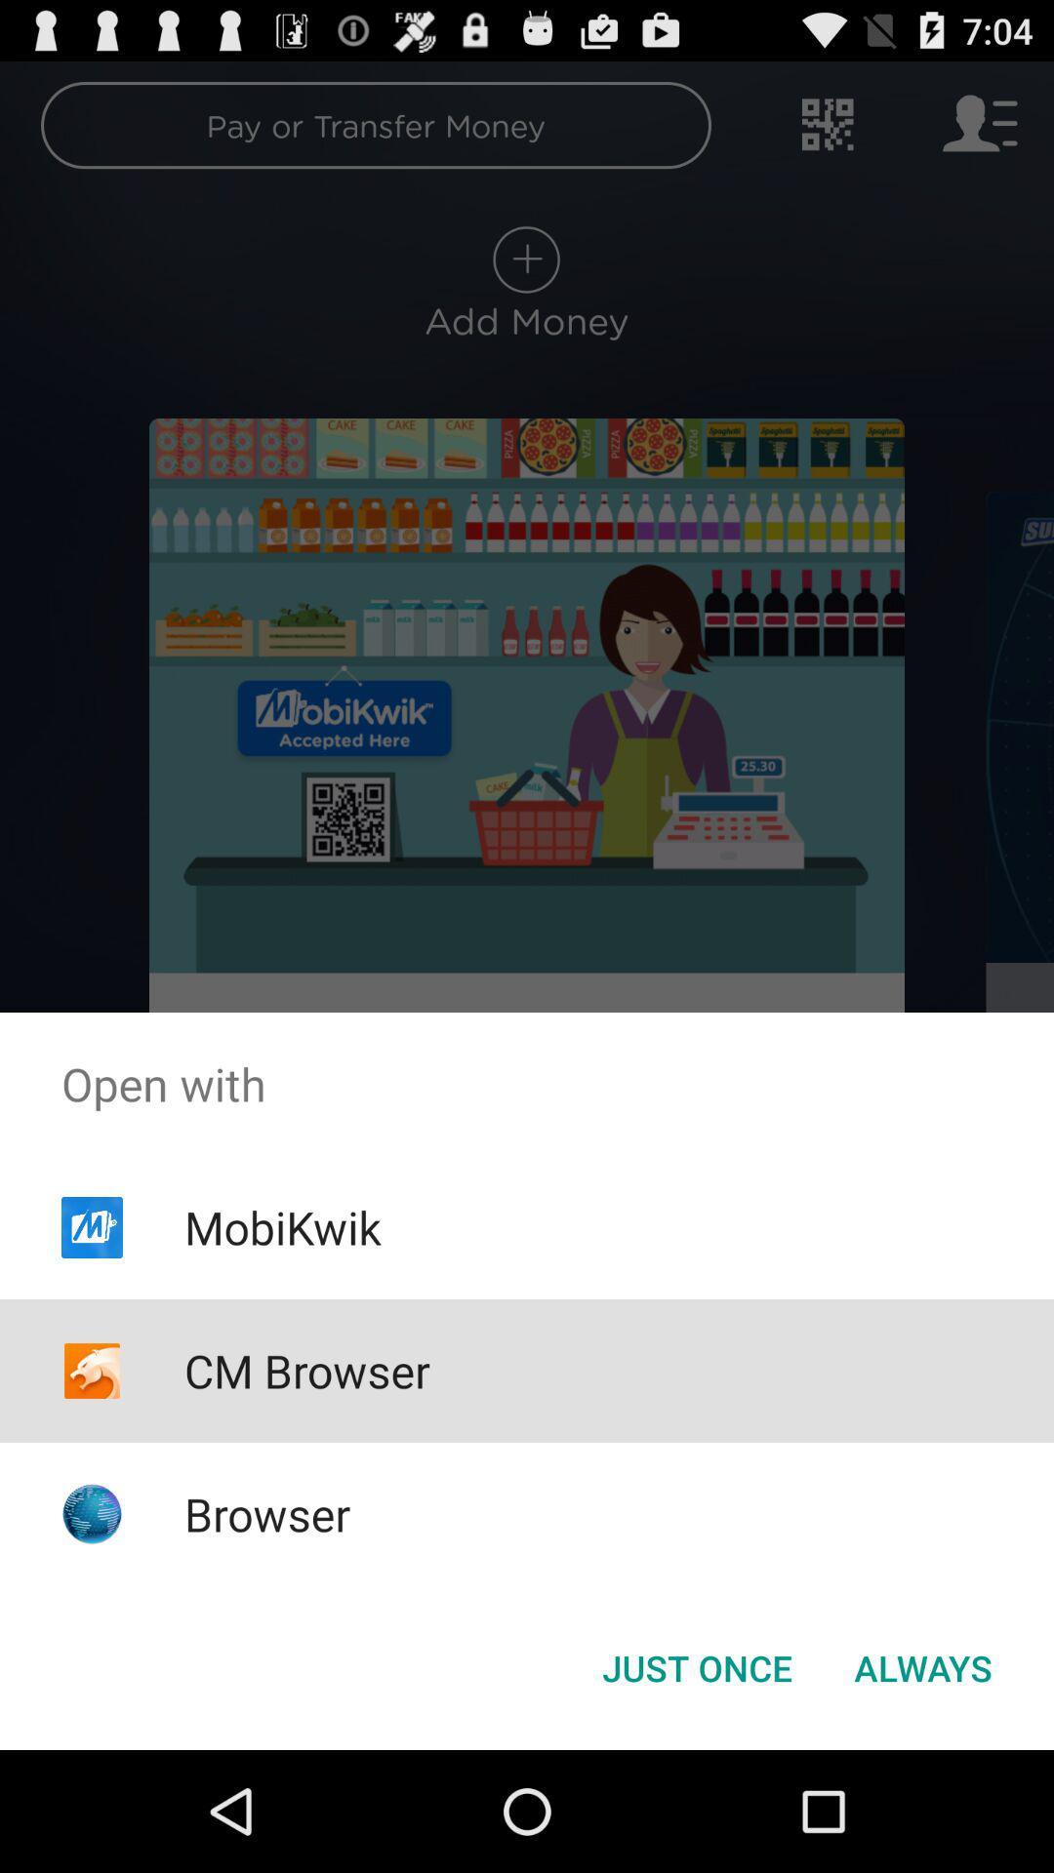  What do you see at coordinates (282, 1226) in the screenshot?
I see `mobikwik` at bounding box center [282, 1226].